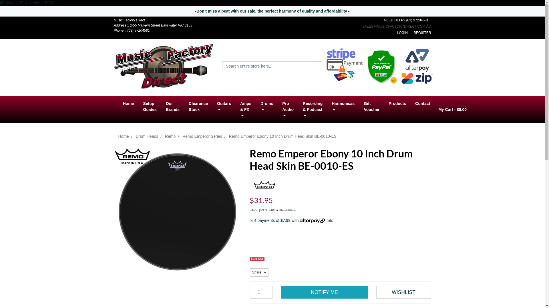  I want to click on 'Amps & FX', so click(246, 110).